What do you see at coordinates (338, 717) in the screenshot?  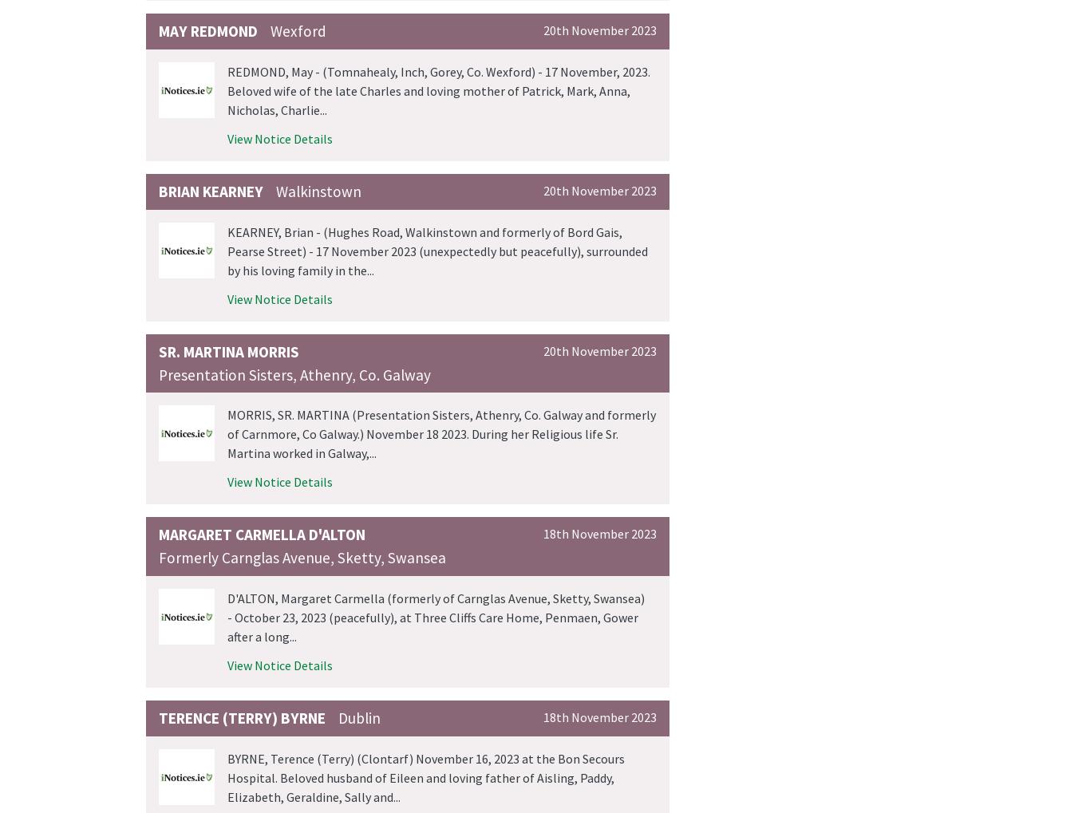 I see `'Dublin'` at bounding box center [338, 717].